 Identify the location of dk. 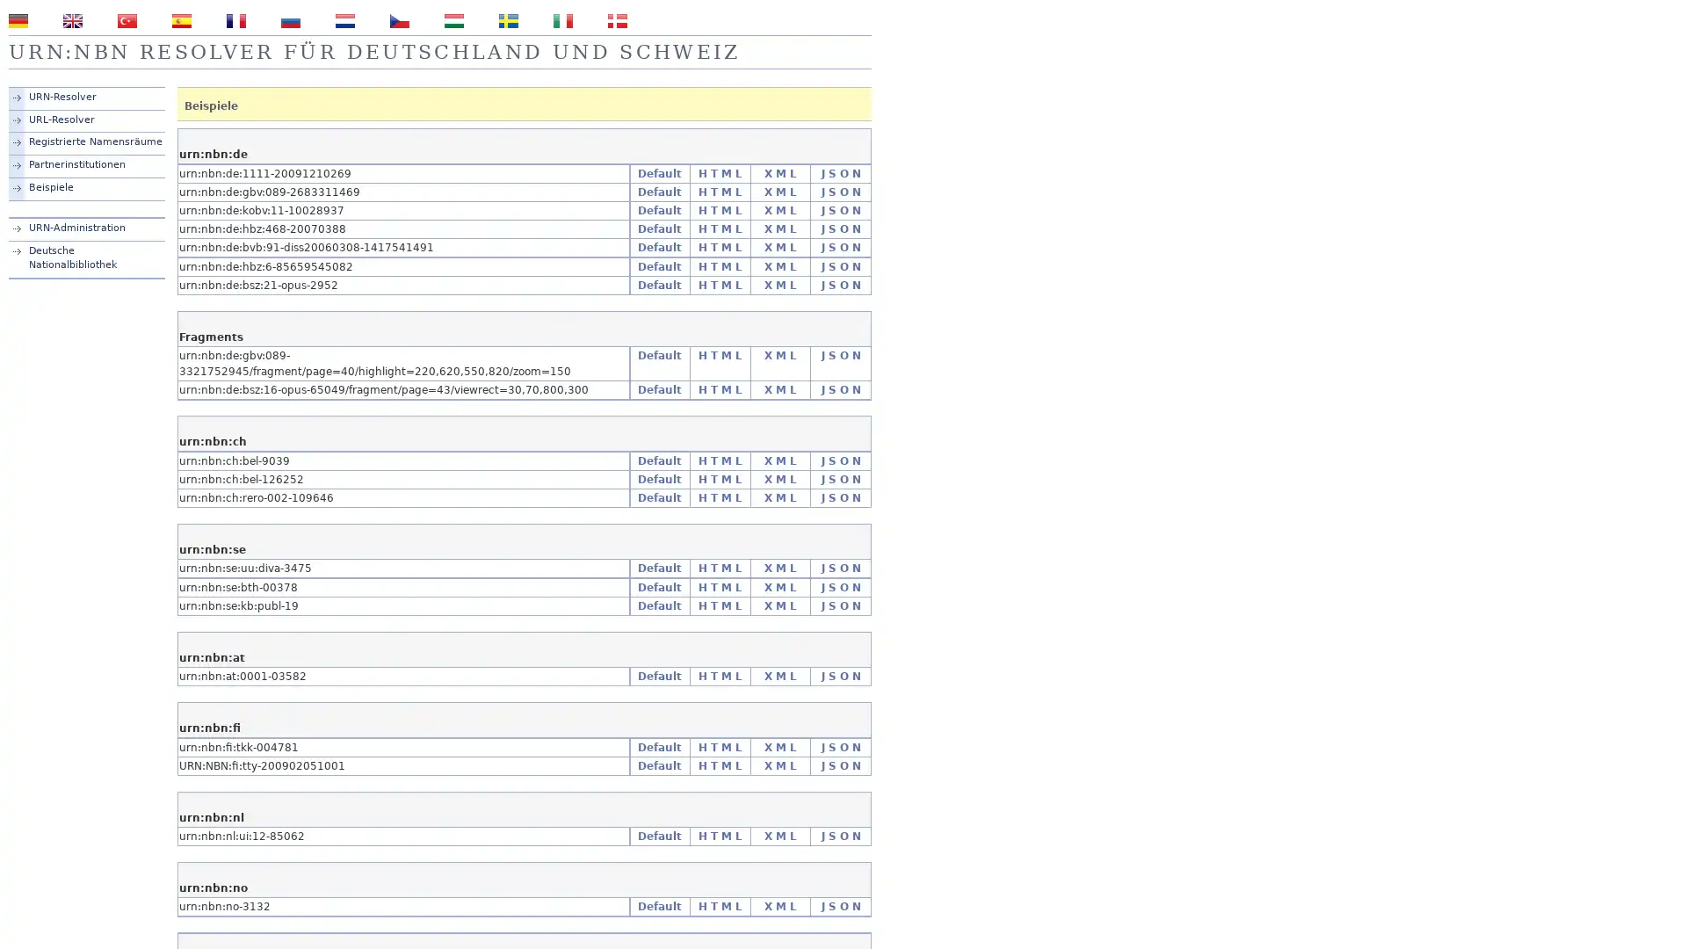
(617, 20).